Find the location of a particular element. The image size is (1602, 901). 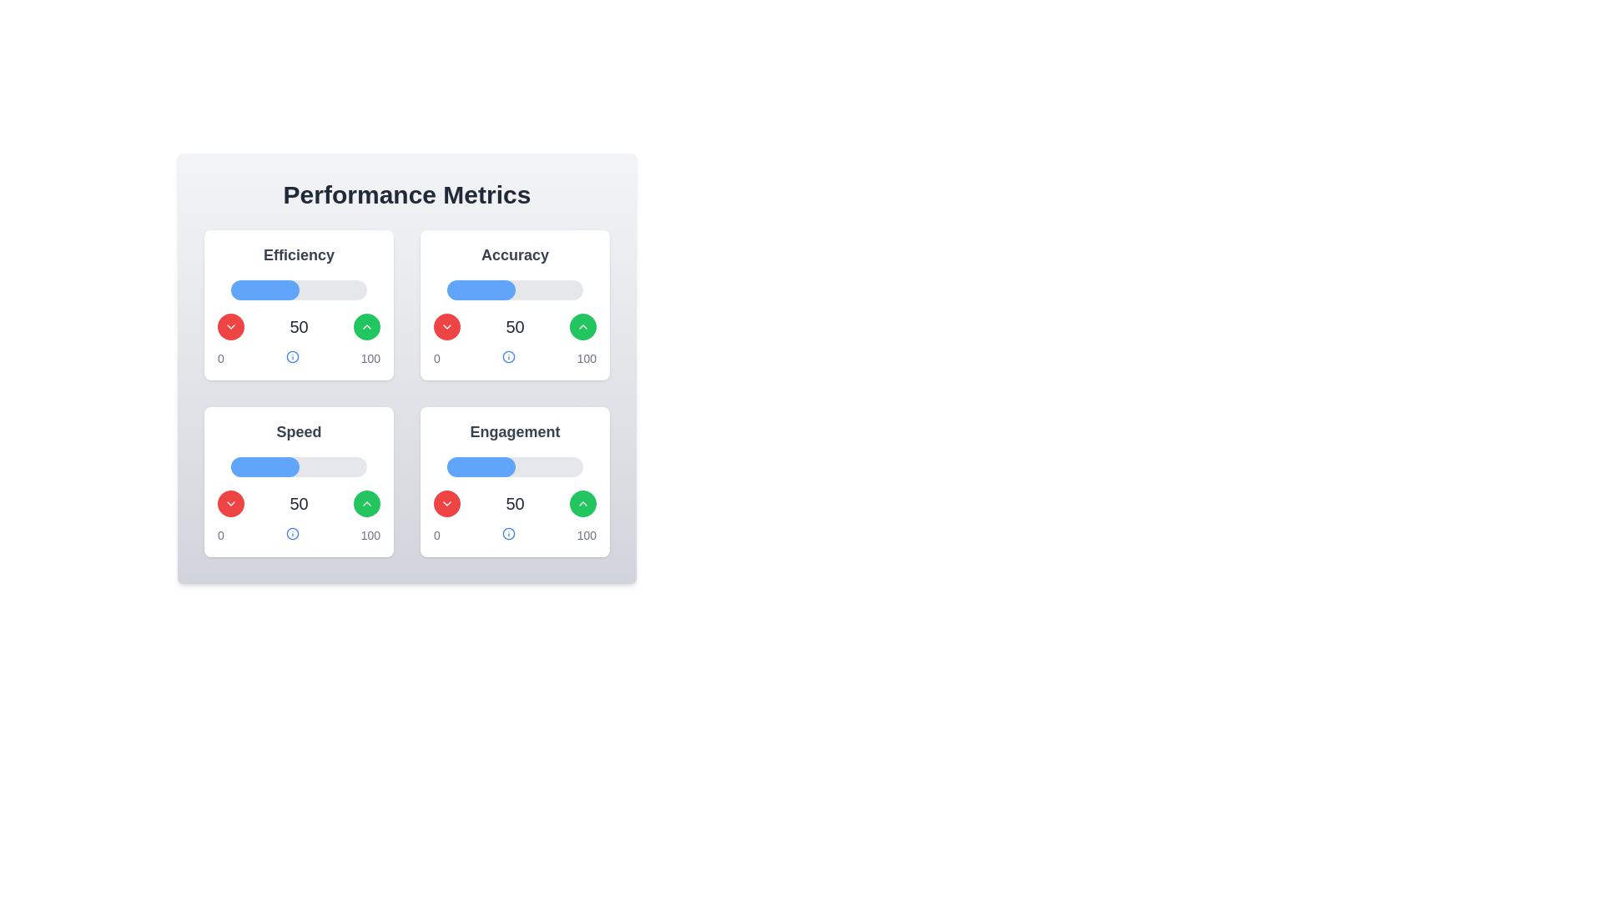

the small circular icon with a hollow center and a blue outline located in the bottom left corner of the Engagement score box is located at coordinates (507, 534).